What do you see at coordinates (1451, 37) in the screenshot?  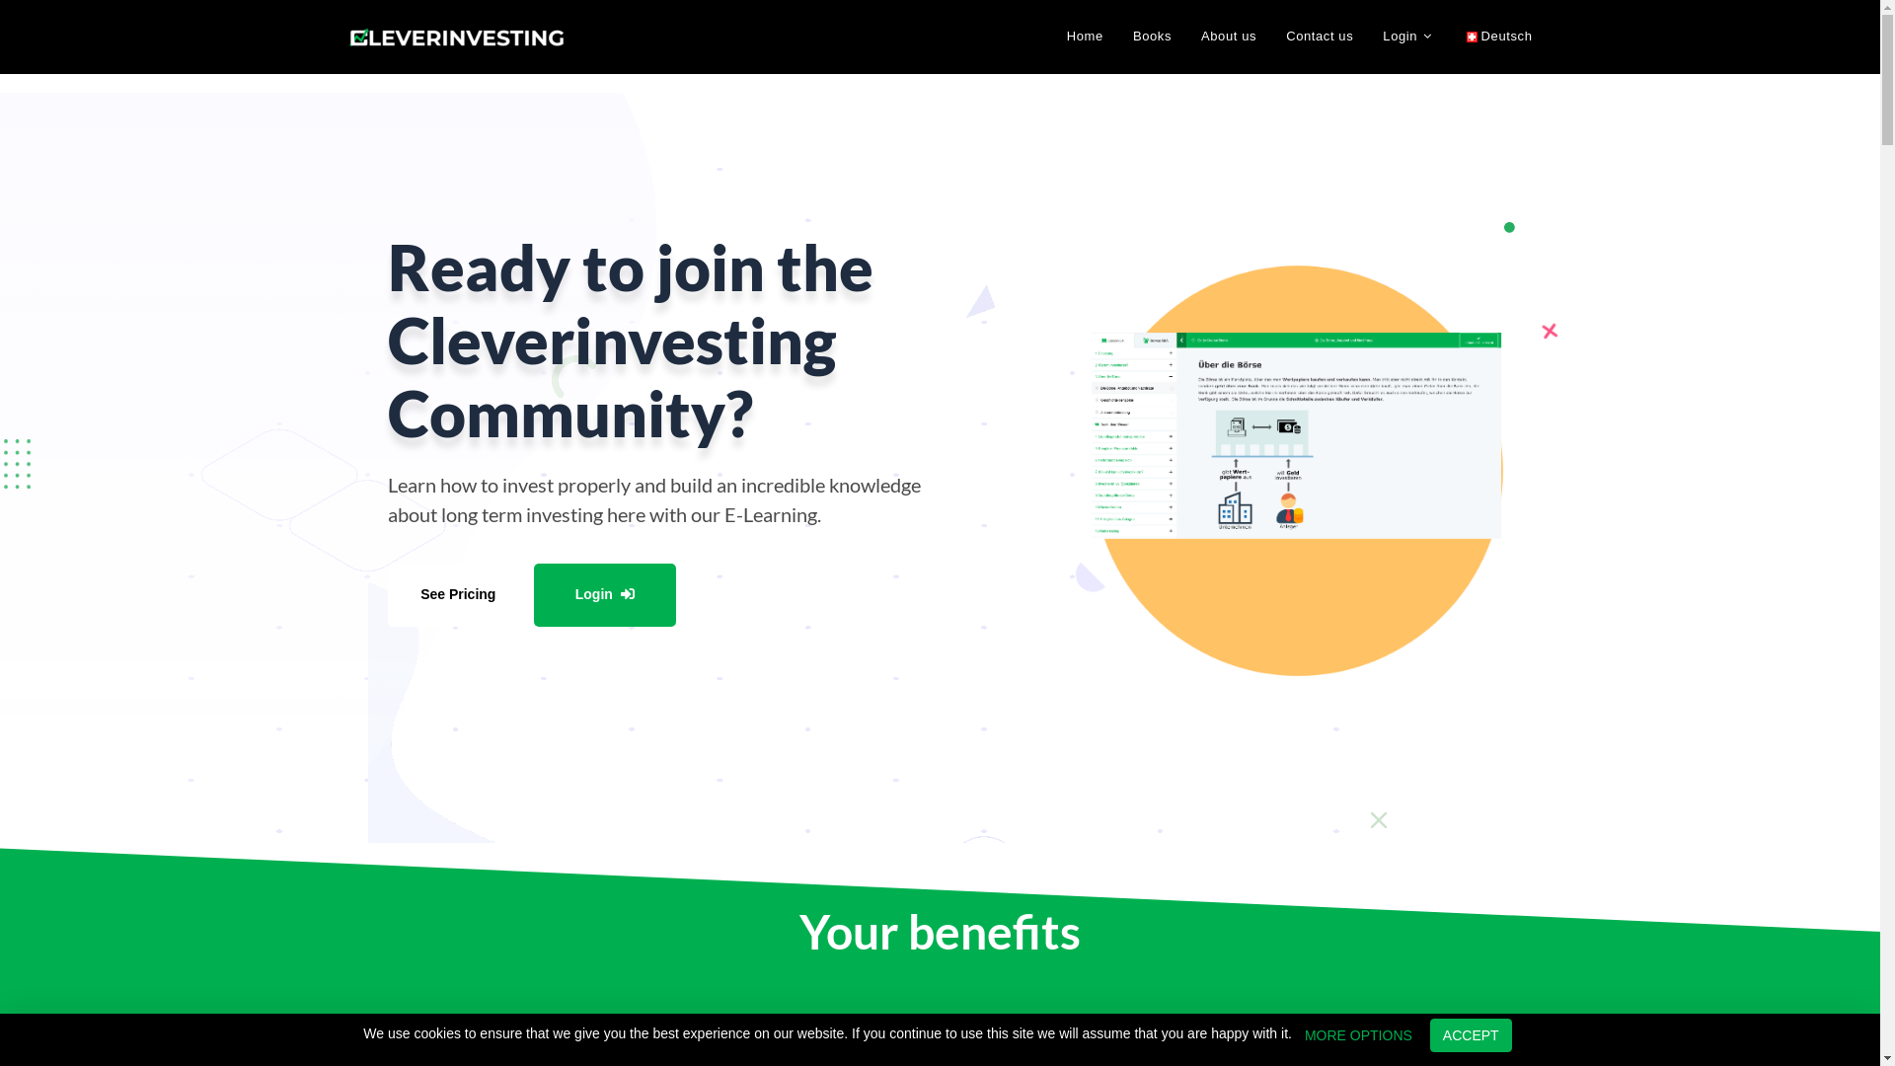 I see `'Deutsch'` at bounding box center [1451, 37].